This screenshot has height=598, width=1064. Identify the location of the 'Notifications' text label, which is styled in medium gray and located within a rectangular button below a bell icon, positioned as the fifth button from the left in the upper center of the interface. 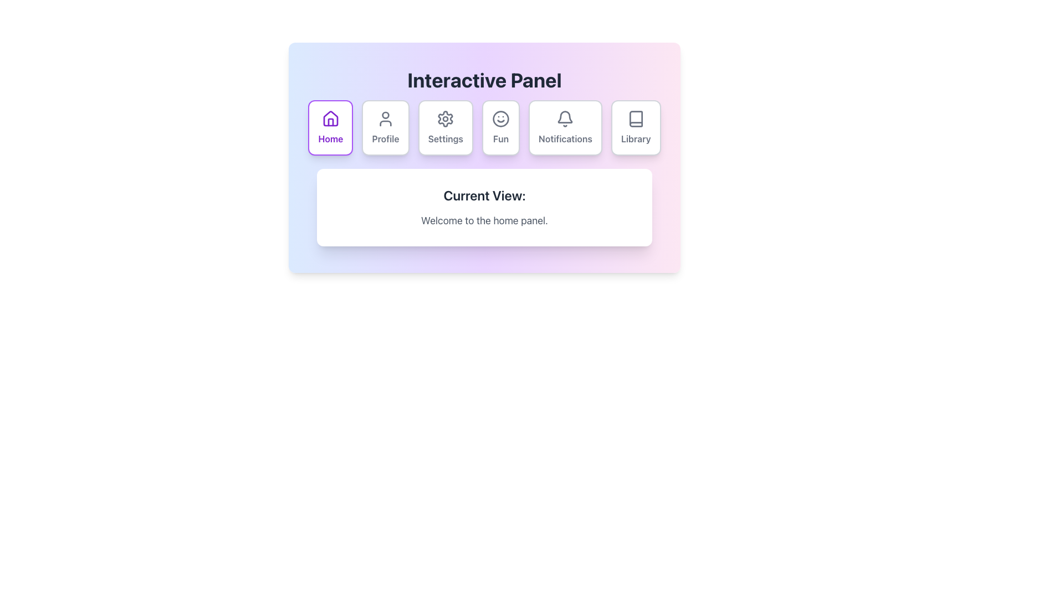
(565, 138).